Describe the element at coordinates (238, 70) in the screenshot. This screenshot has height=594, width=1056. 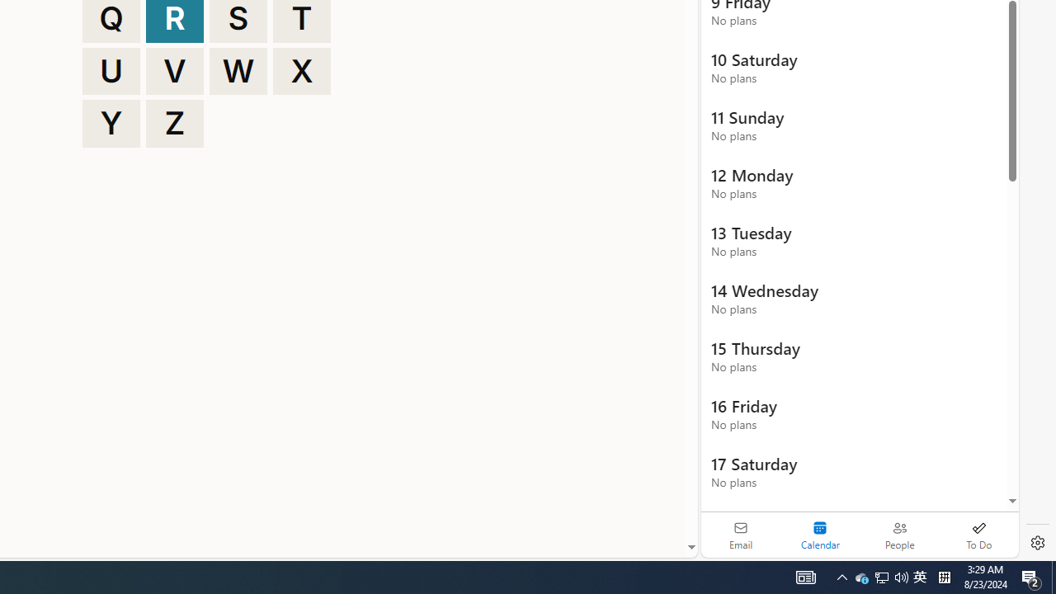
I see `'W'` at that location.